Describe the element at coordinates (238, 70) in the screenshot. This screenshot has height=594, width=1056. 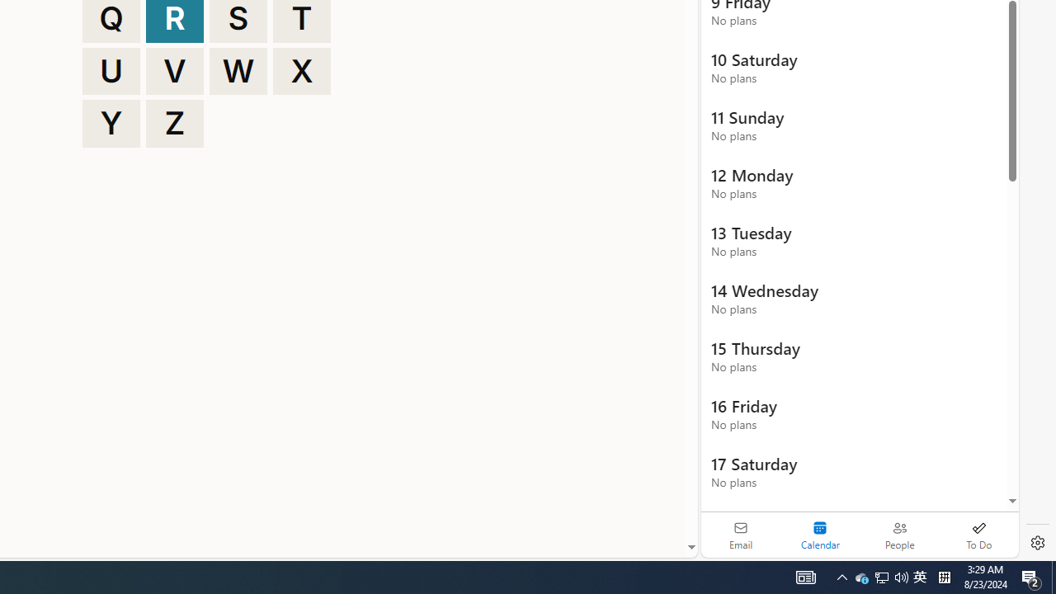
I see `'W'` at that location.